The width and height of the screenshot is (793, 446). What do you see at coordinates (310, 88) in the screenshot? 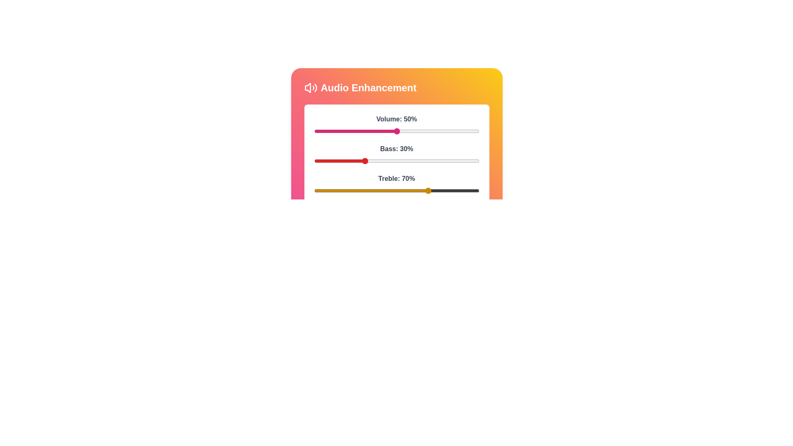
I see `the speaker icon with sound waves on a pink background, located at the top-left corner of the 'Audio Enhancement' section` at bounding box center [310, 88].